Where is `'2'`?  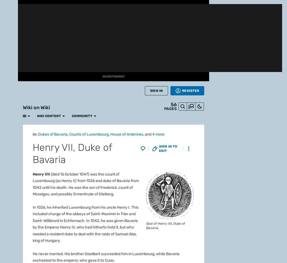
'2' is located at coordinates (41, 61).